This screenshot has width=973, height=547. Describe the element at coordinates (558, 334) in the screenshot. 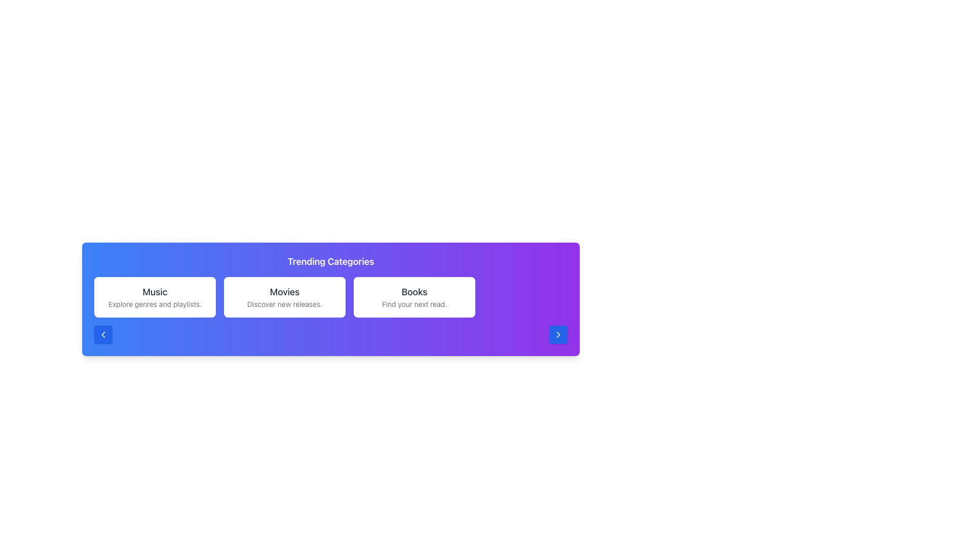

I see `the blue chevron-shaped icon located at the far right corner of the horizontal navigation bar` at that location.